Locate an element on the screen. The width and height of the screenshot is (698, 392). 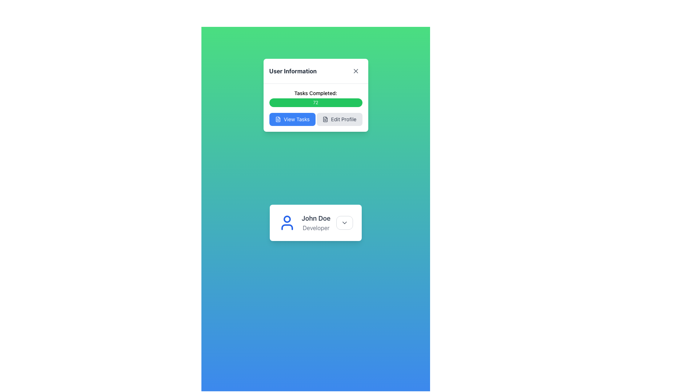
the 'Edit Profile' button located in the User Information section, which is below the 'Tasks Completed:' text and next to the 'View Tasks' button is located at coordinates (316, 108).